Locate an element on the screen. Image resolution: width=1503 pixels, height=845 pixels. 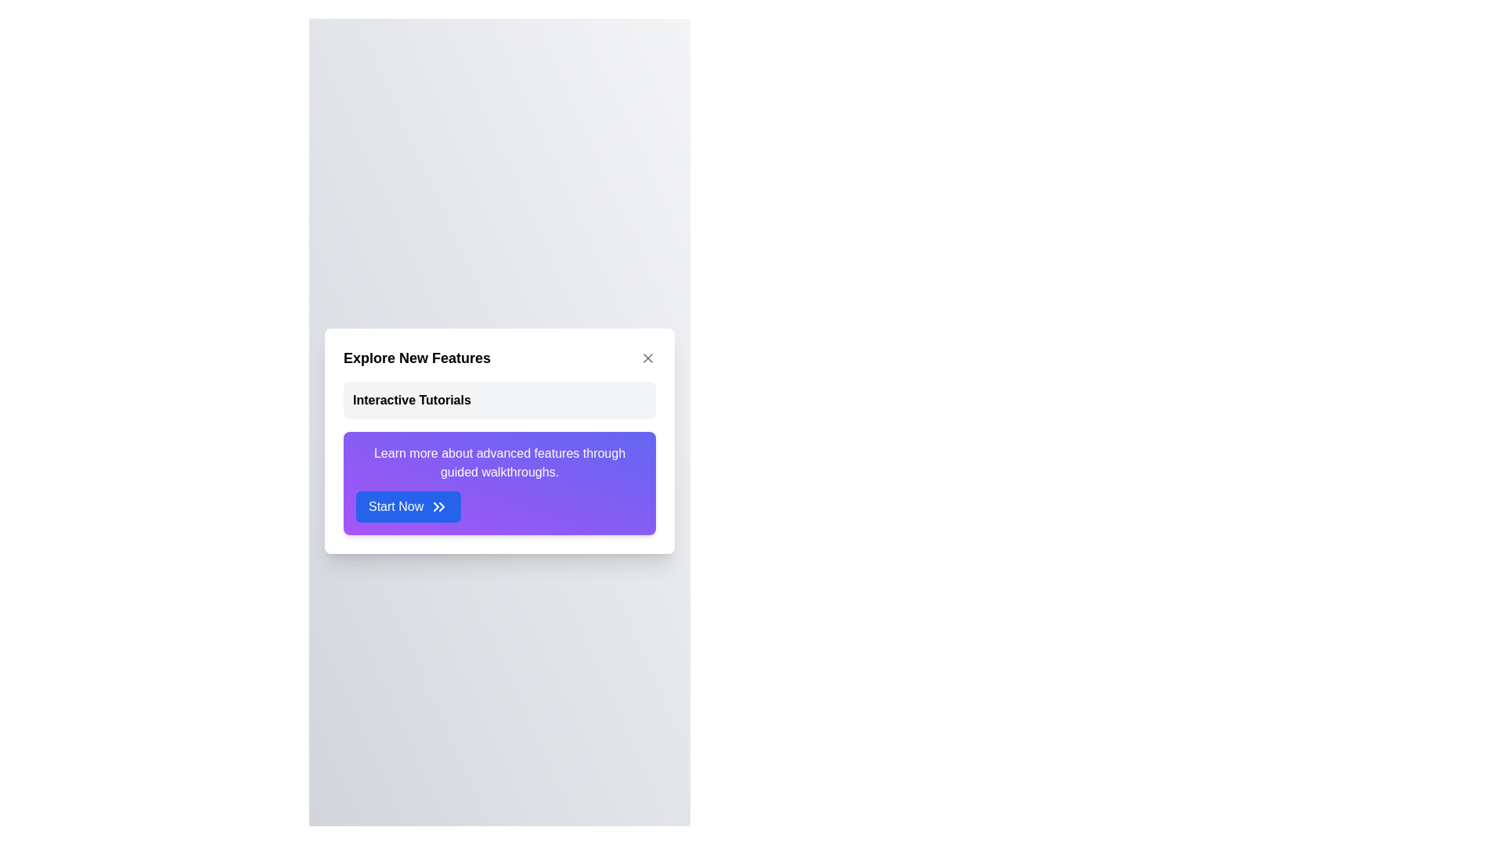
the close button located to the far-right of the headline text 'Explore New Features' in the top section of the pop-up is located at coordinates (648, 358).